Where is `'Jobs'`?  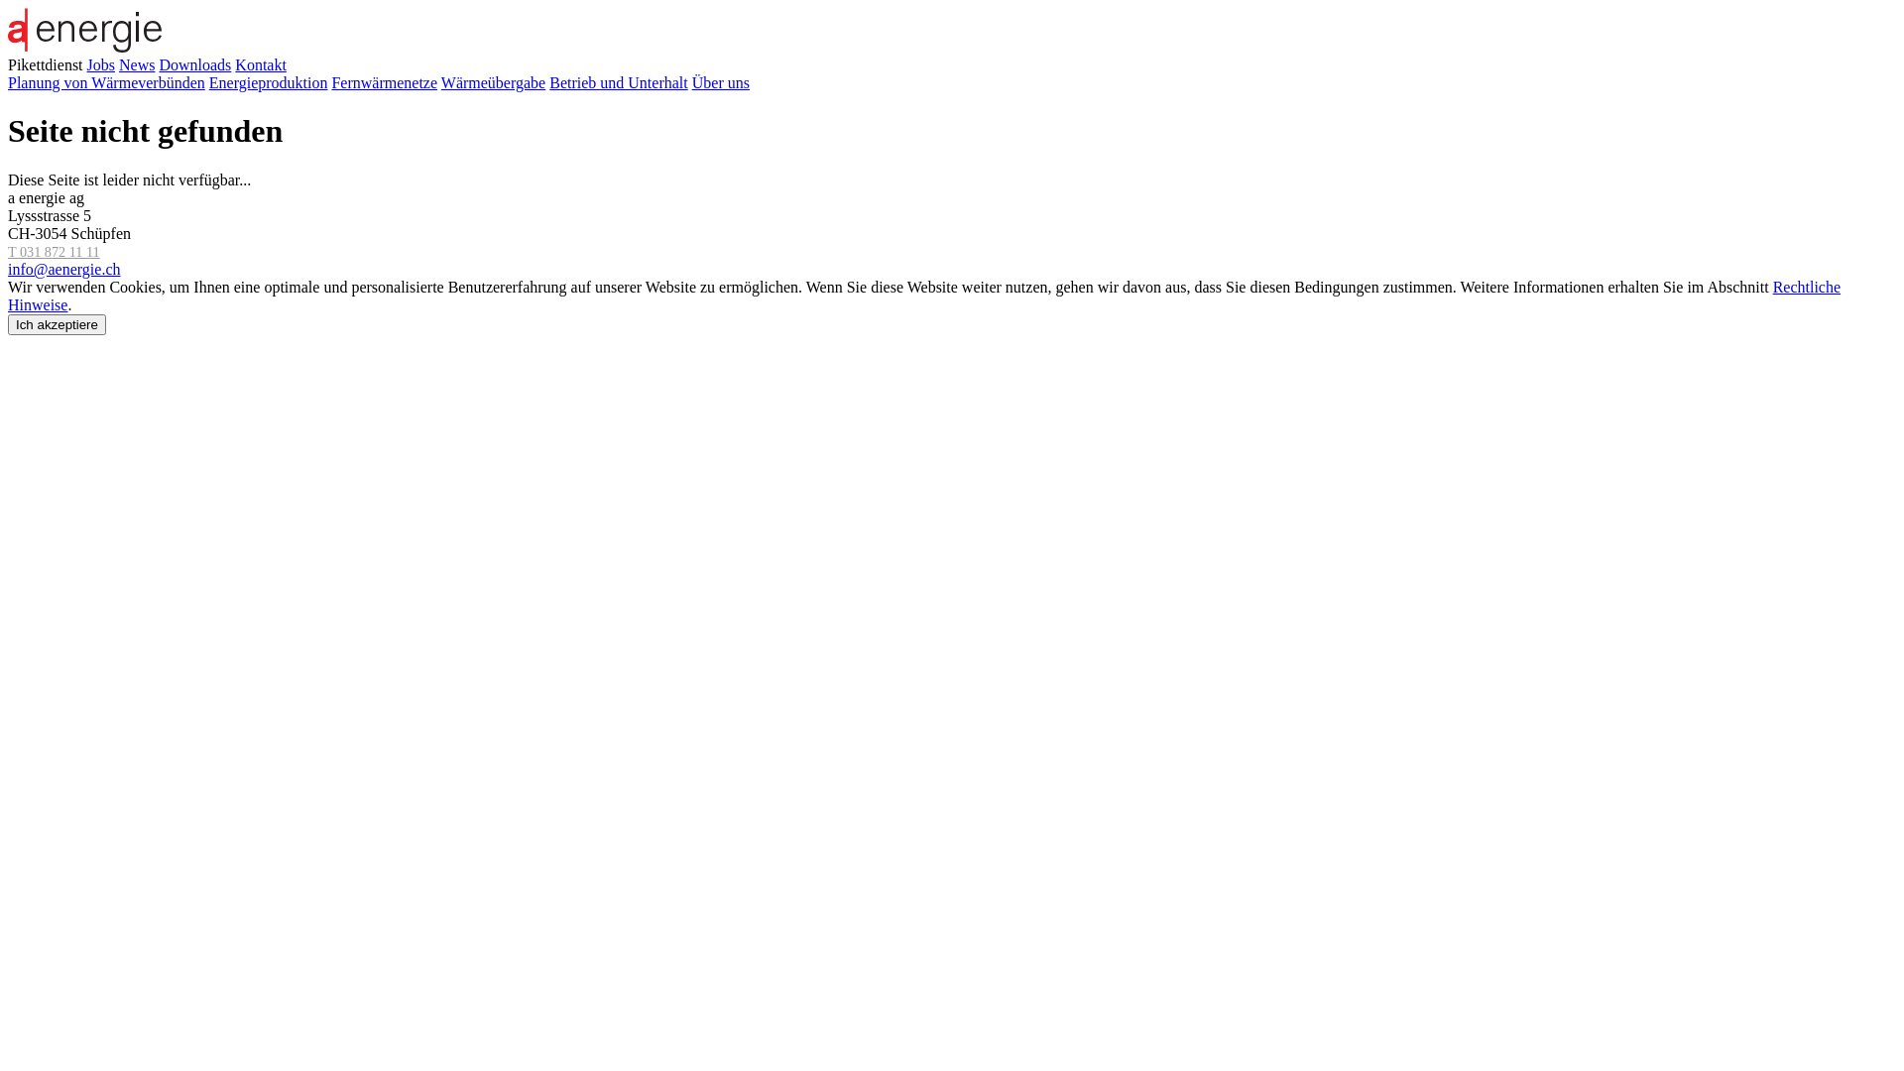
'Jobs' is located at coordinates (85, 63).